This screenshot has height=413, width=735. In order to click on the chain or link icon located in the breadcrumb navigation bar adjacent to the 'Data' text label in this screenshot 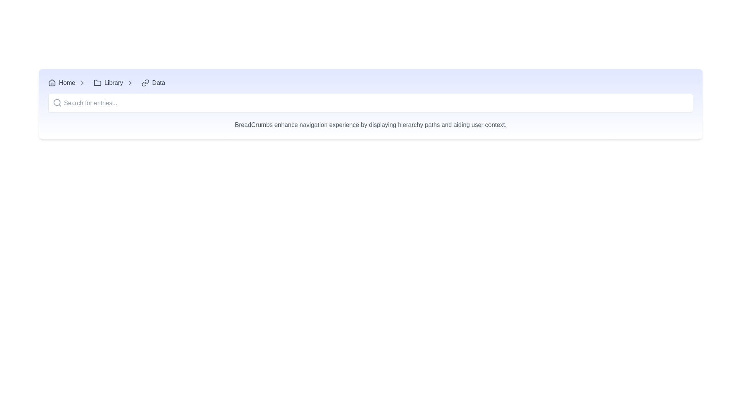, I will do `click(146, 82)`.